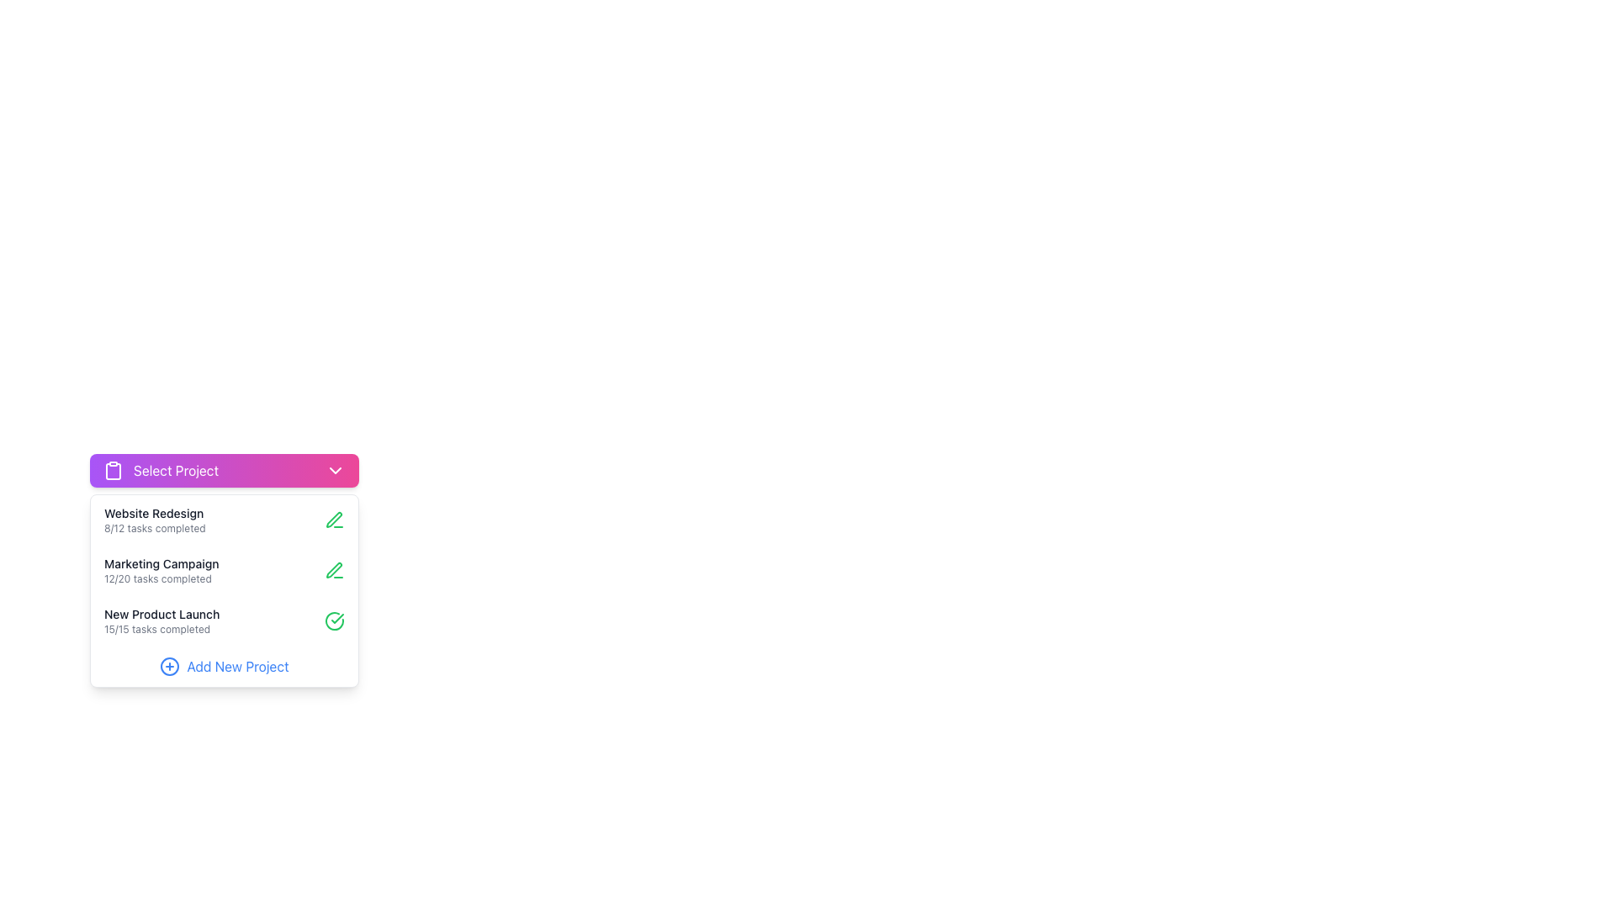 This screenshot has height=908, width=1615. I want to click on the green circular icon with a check mark inside, located next to the 'New Product Launch' text, so click(335, 621).